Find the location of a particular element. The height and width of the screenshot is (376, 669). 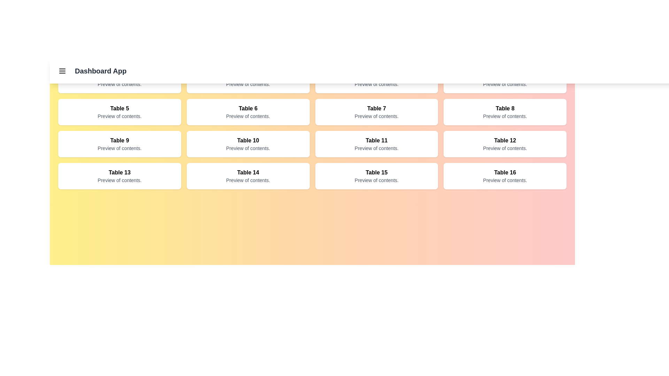

the menu button to toggle the navigation bar visibility is located at coordinates (62, 71).